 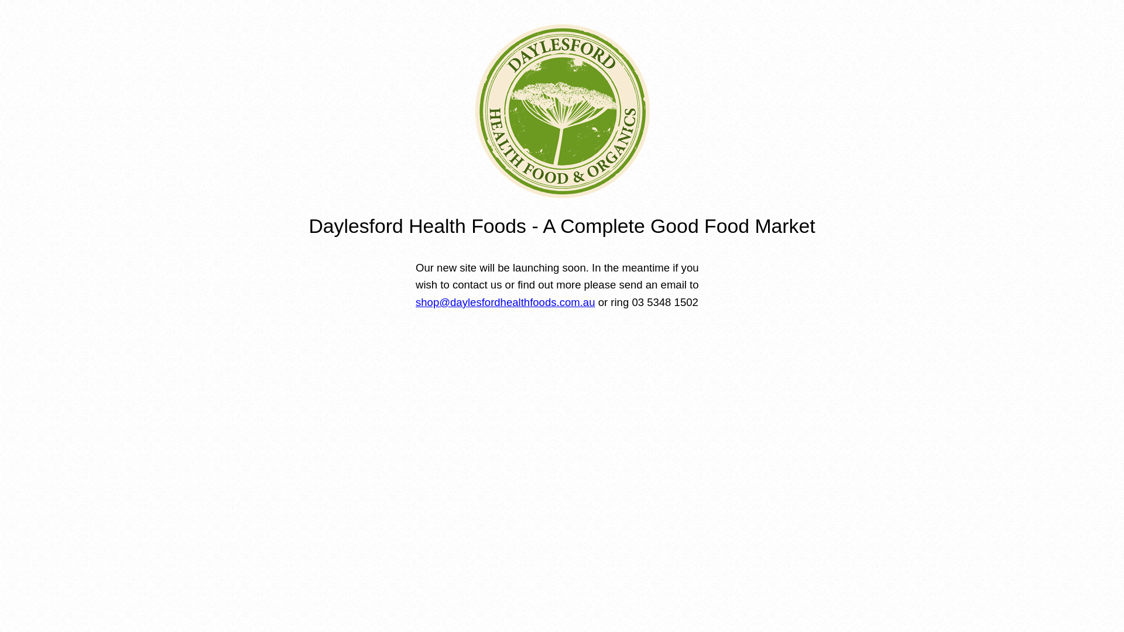 What do you see at coordinates (505, 301) in the screenshot?
I see `'shop@daylesfordhealthfoods.com.au'` at bounding box center [505, 301].